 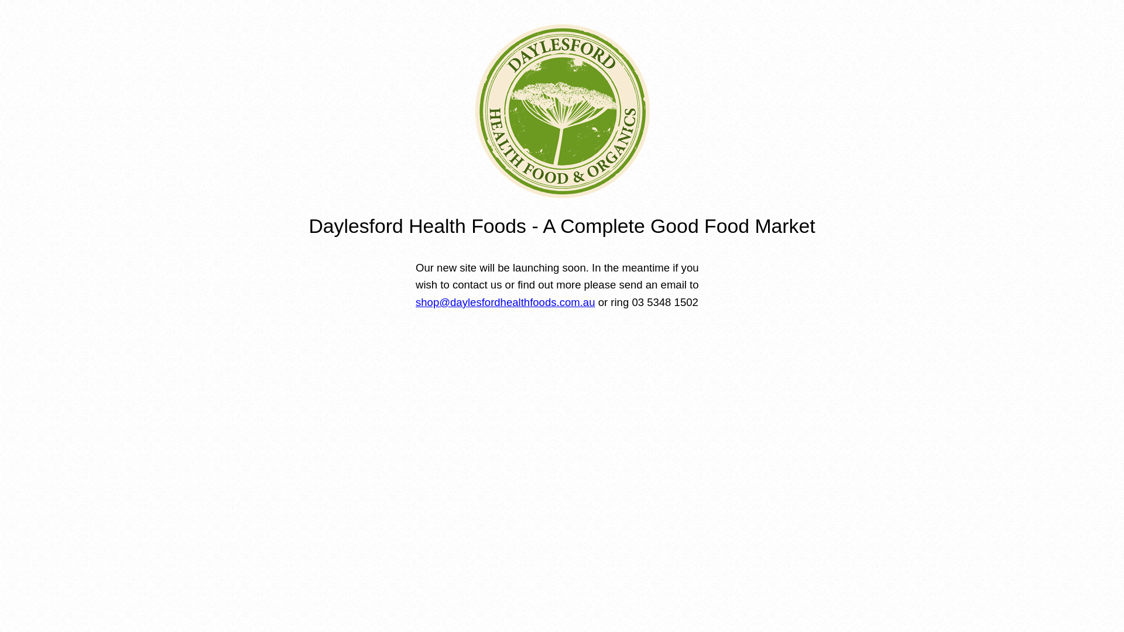 What do you see at coordinates (505, 301) in the screenshot?
I see `'shop@daylesfordhealthfoods.com.au'` at bounding box center [505, 301].